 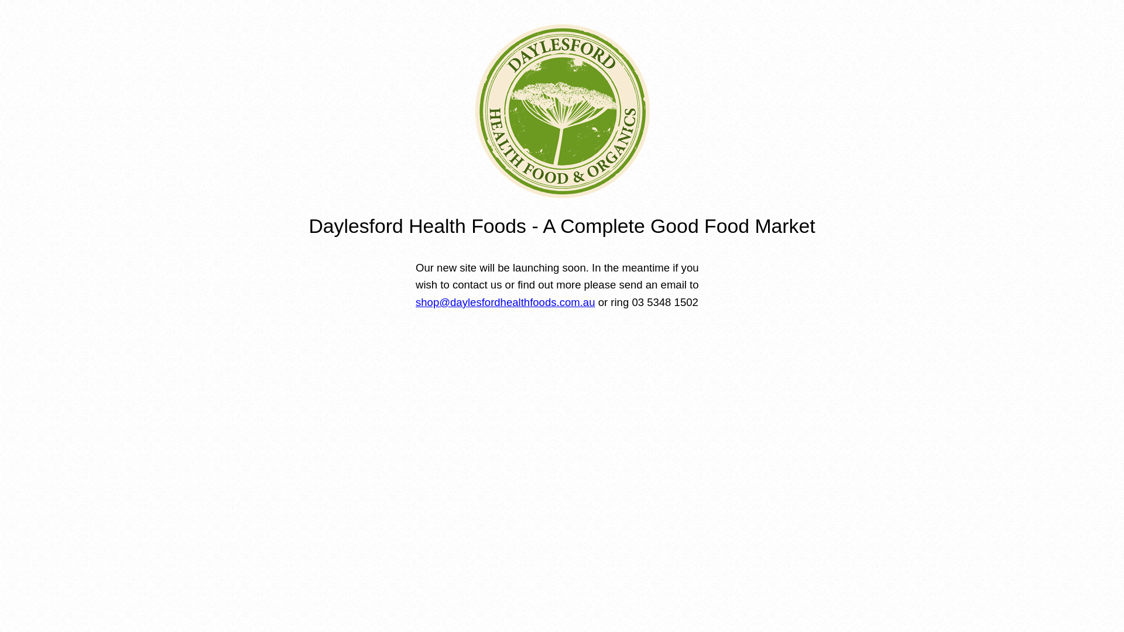 What do you see at coordinates (505, 301) in the screenshot?
I see `'shop@daylesfordhealthfoods.com.au'` at bounding box center [505, 301].